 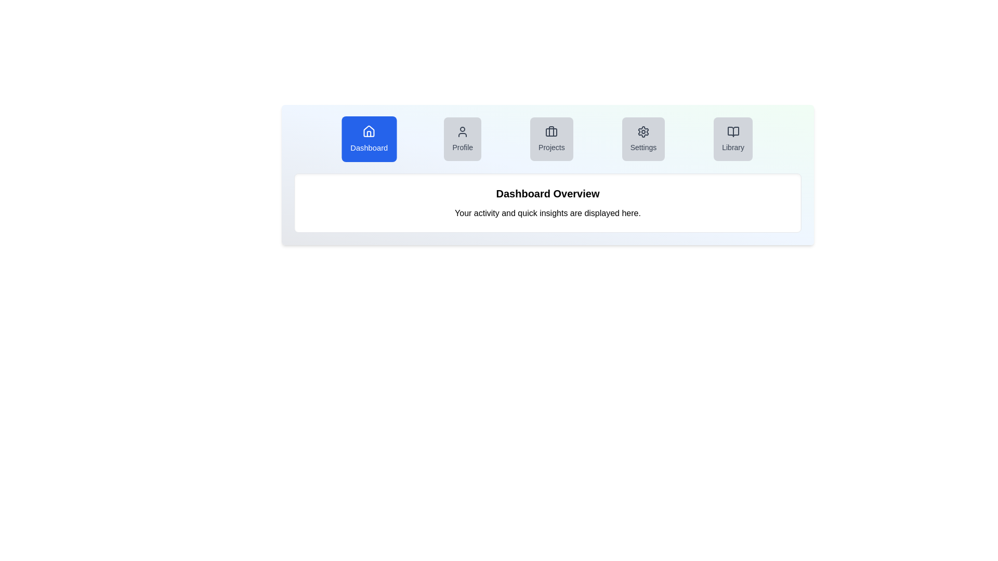 What do you see at coordinates (550, 138) in the screenshot?
I see `the rectangular button labeled 'Projects' with a briefcase icon` at bounding box center [550, 138].